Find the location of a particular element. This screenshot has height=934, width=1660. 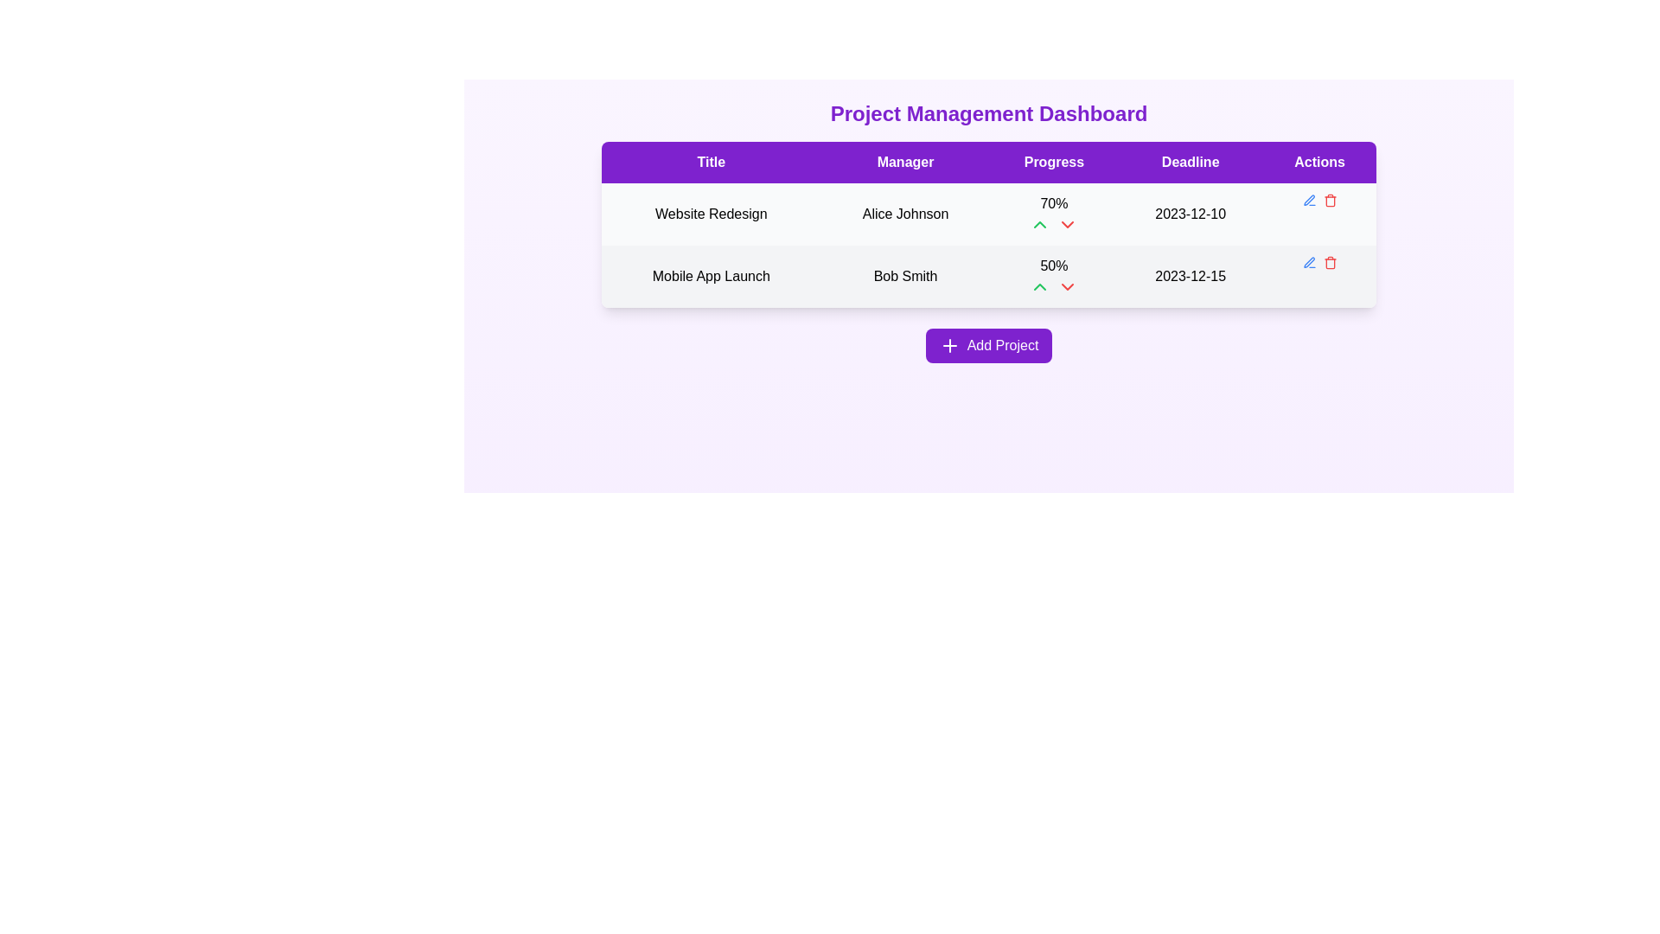

the main title of the web page indicating 'Project Management Dashboard', located at the top-center of the layout is located at coordinates (988, 113).